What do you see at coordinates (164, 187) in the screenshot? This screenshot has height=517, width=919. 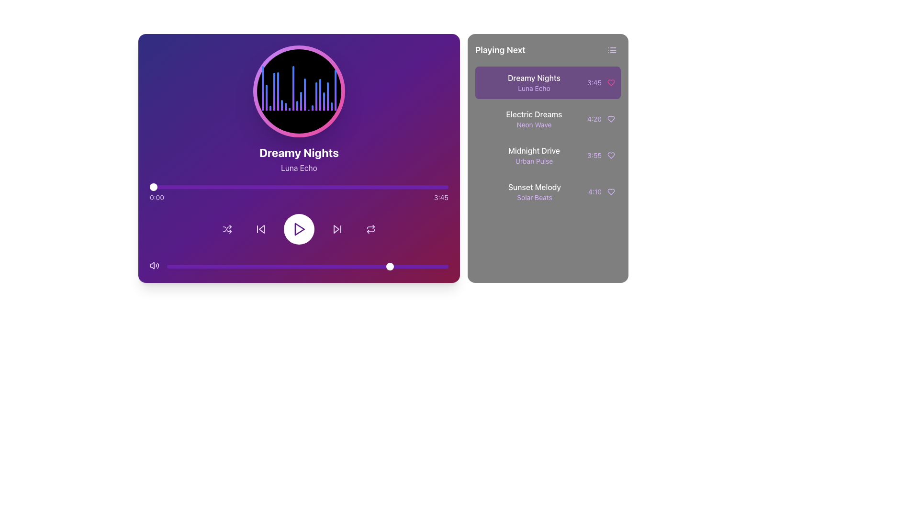 I see `the playback position` at bounding box center [164, 187].